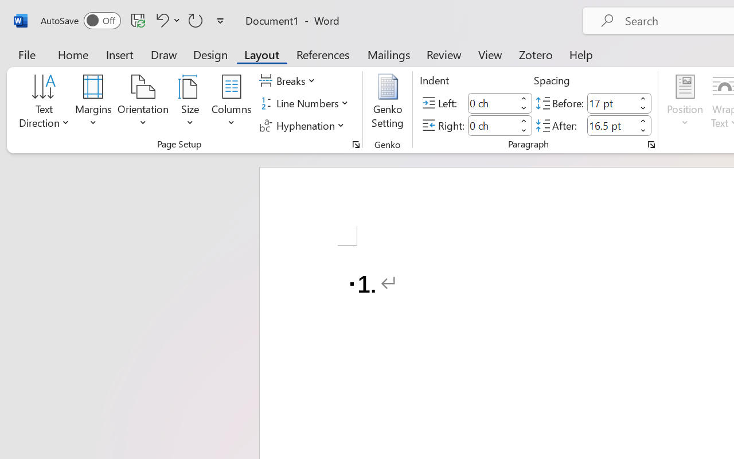 Image resolution: width=734 pixels, height=459 pixels. Describe the element at coordinates (160, 20) in the screenshot. I see `'Undo Number Default'` at that location.